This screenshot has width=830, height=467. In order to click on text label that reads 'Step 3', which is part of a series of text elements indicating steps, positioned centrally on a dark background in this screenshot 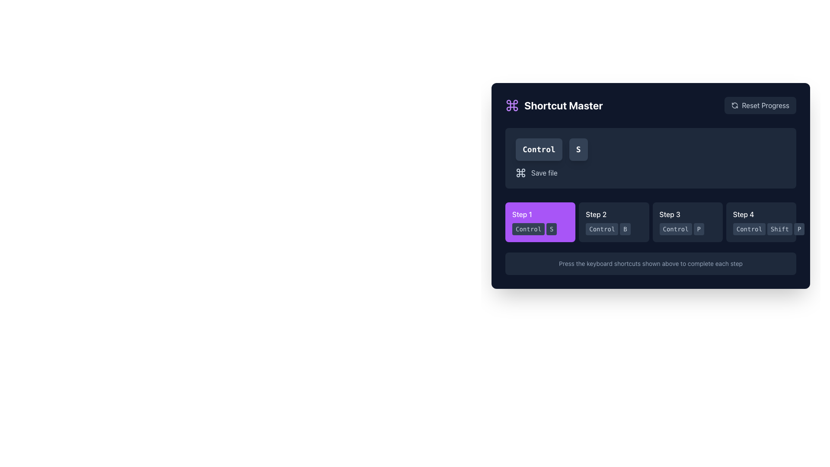, I will do `click(669, 214)`.